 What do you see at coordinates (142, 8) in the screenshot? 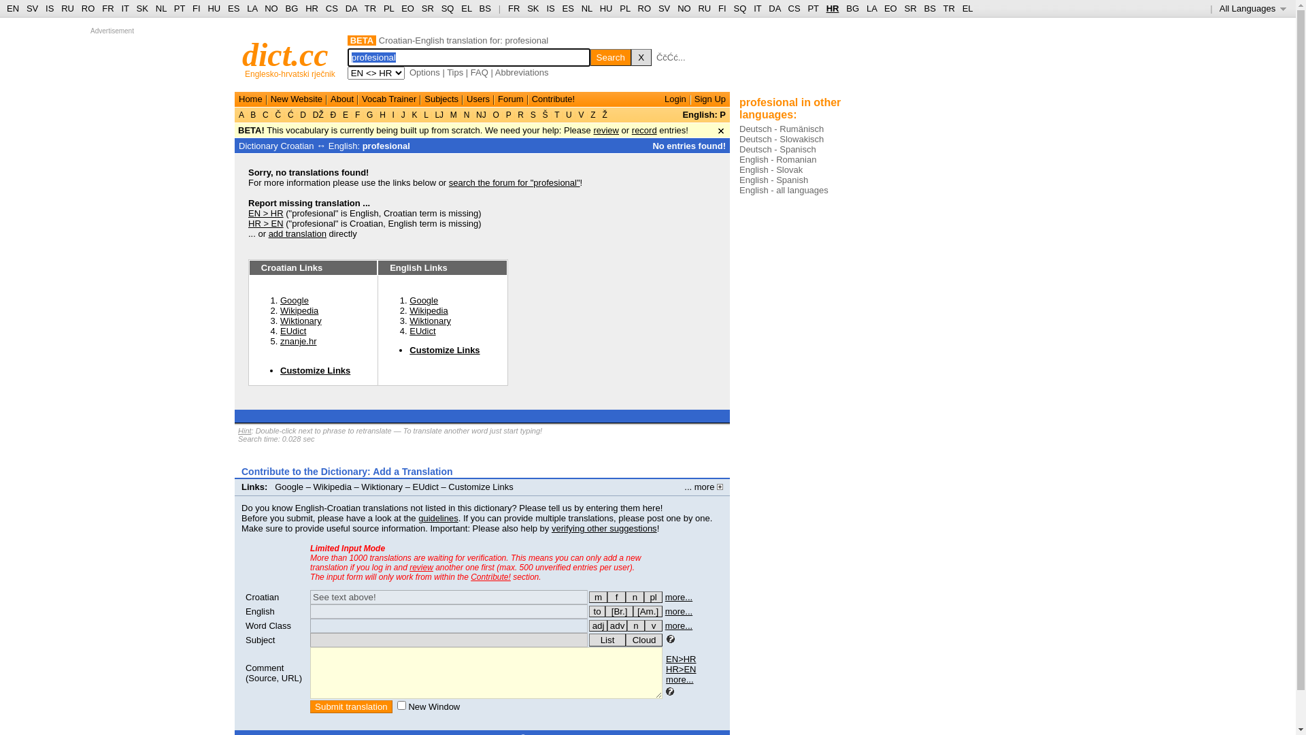
I see `'SK'` at bounding box center [142, 8].